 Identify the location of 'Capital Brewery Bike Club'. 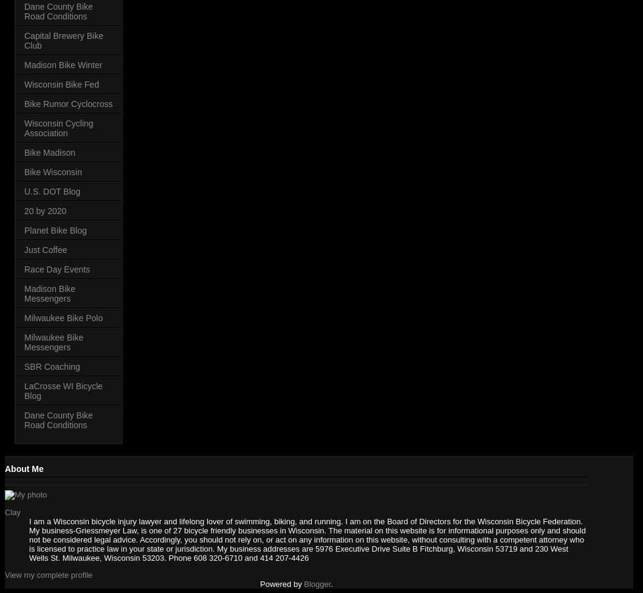
(63, 40).